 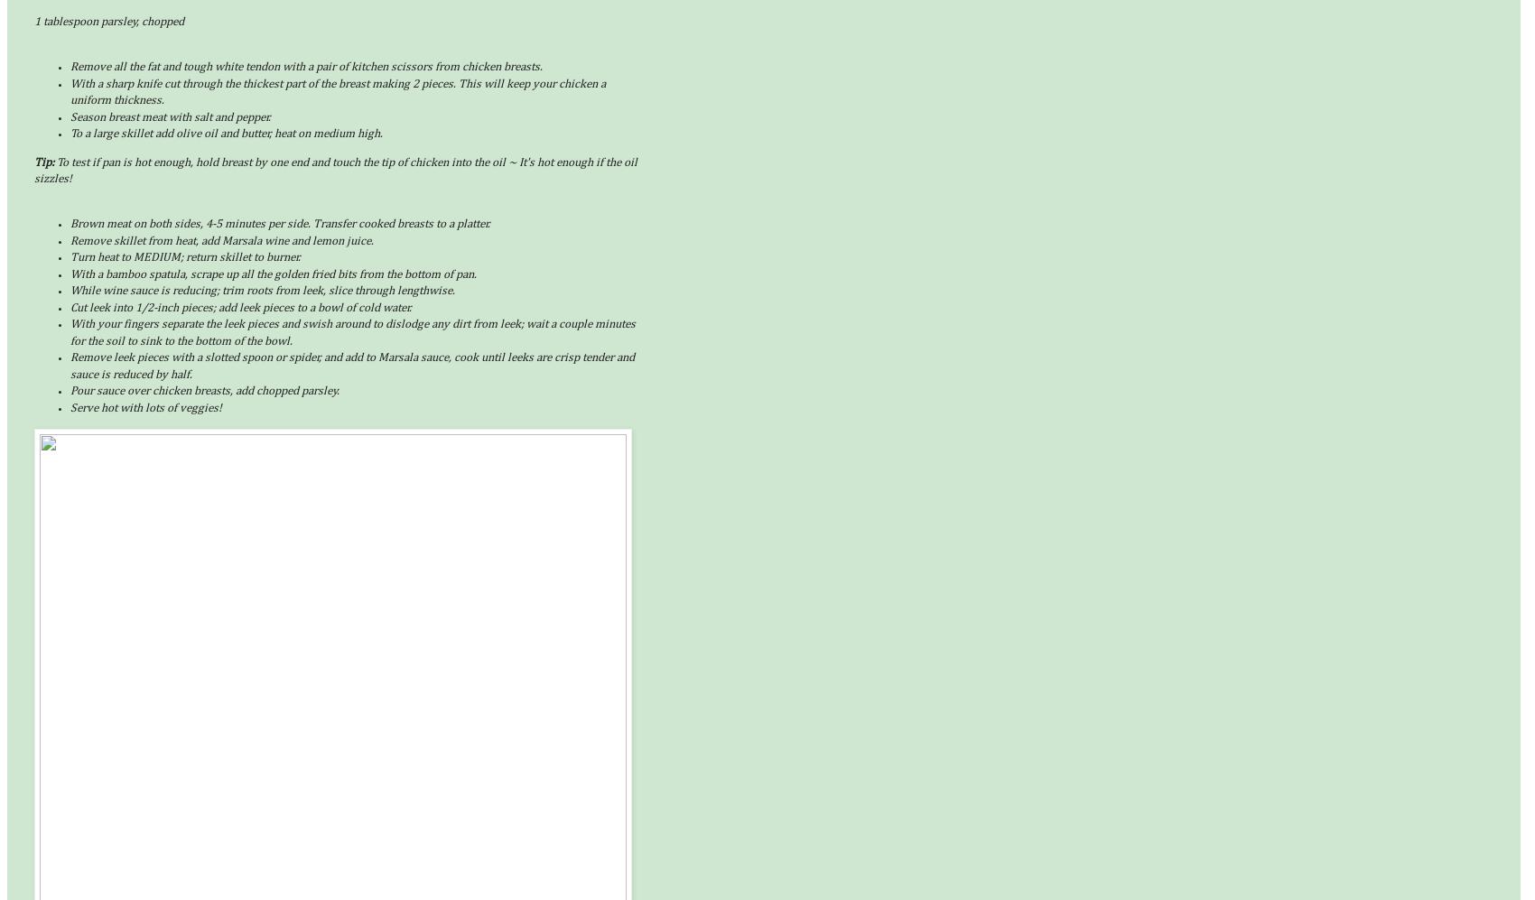 What do you see at coordinates (70, 390) in the screenshot?
I see `'Pour sauce over chicken breasts, add chopped parsley.'` at bounding box center [70, 390].